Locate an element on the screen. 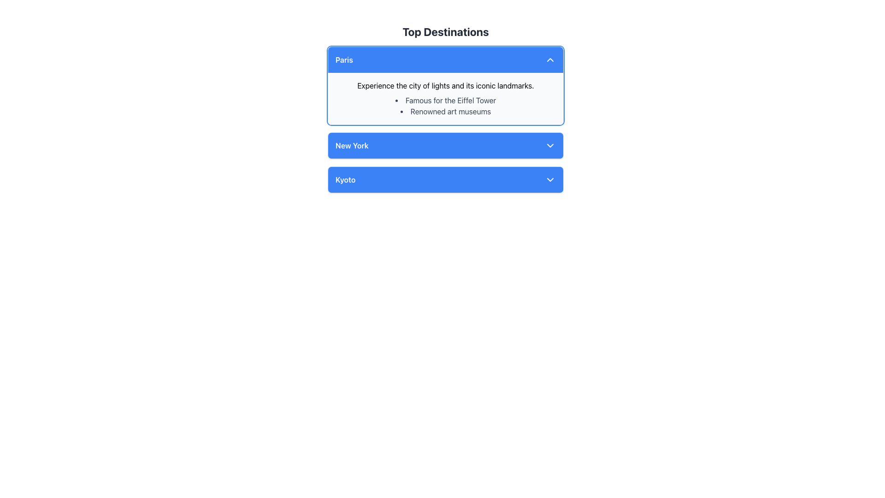 The image size is (885, 498). the dropdown button located between the 'Paris' button above and the 'Kyoto' button below, which is intended is located at coordinates (445, 145).